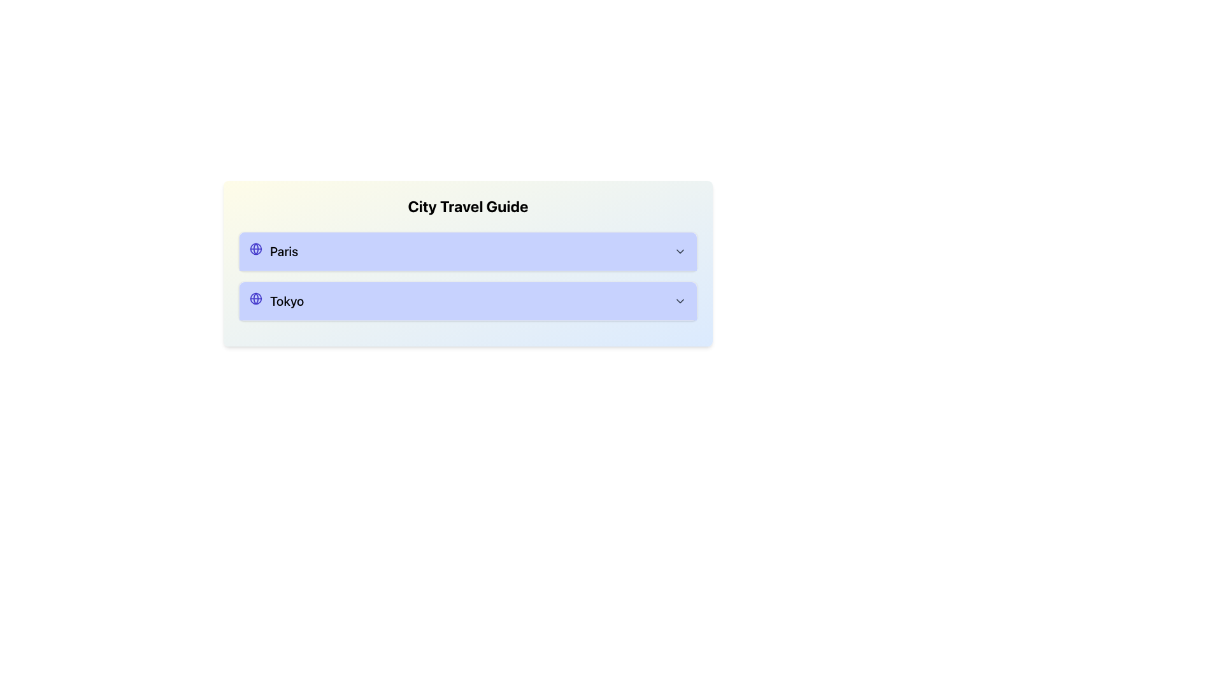  Describe the element at coordinates (255, 299) in the screenshot. I see `the aesthetic design of the circular globe-themed icon located in the second entry of the vertical list labeled 'Tokyo'` at that location.